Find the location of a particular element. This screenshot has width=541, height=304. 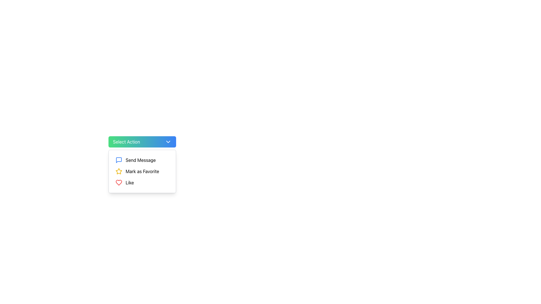

the 'Send Message' icon located in the dropdown menu, which is positioned to the left of the text 'Send Message' is located at coordinates (119, 160).